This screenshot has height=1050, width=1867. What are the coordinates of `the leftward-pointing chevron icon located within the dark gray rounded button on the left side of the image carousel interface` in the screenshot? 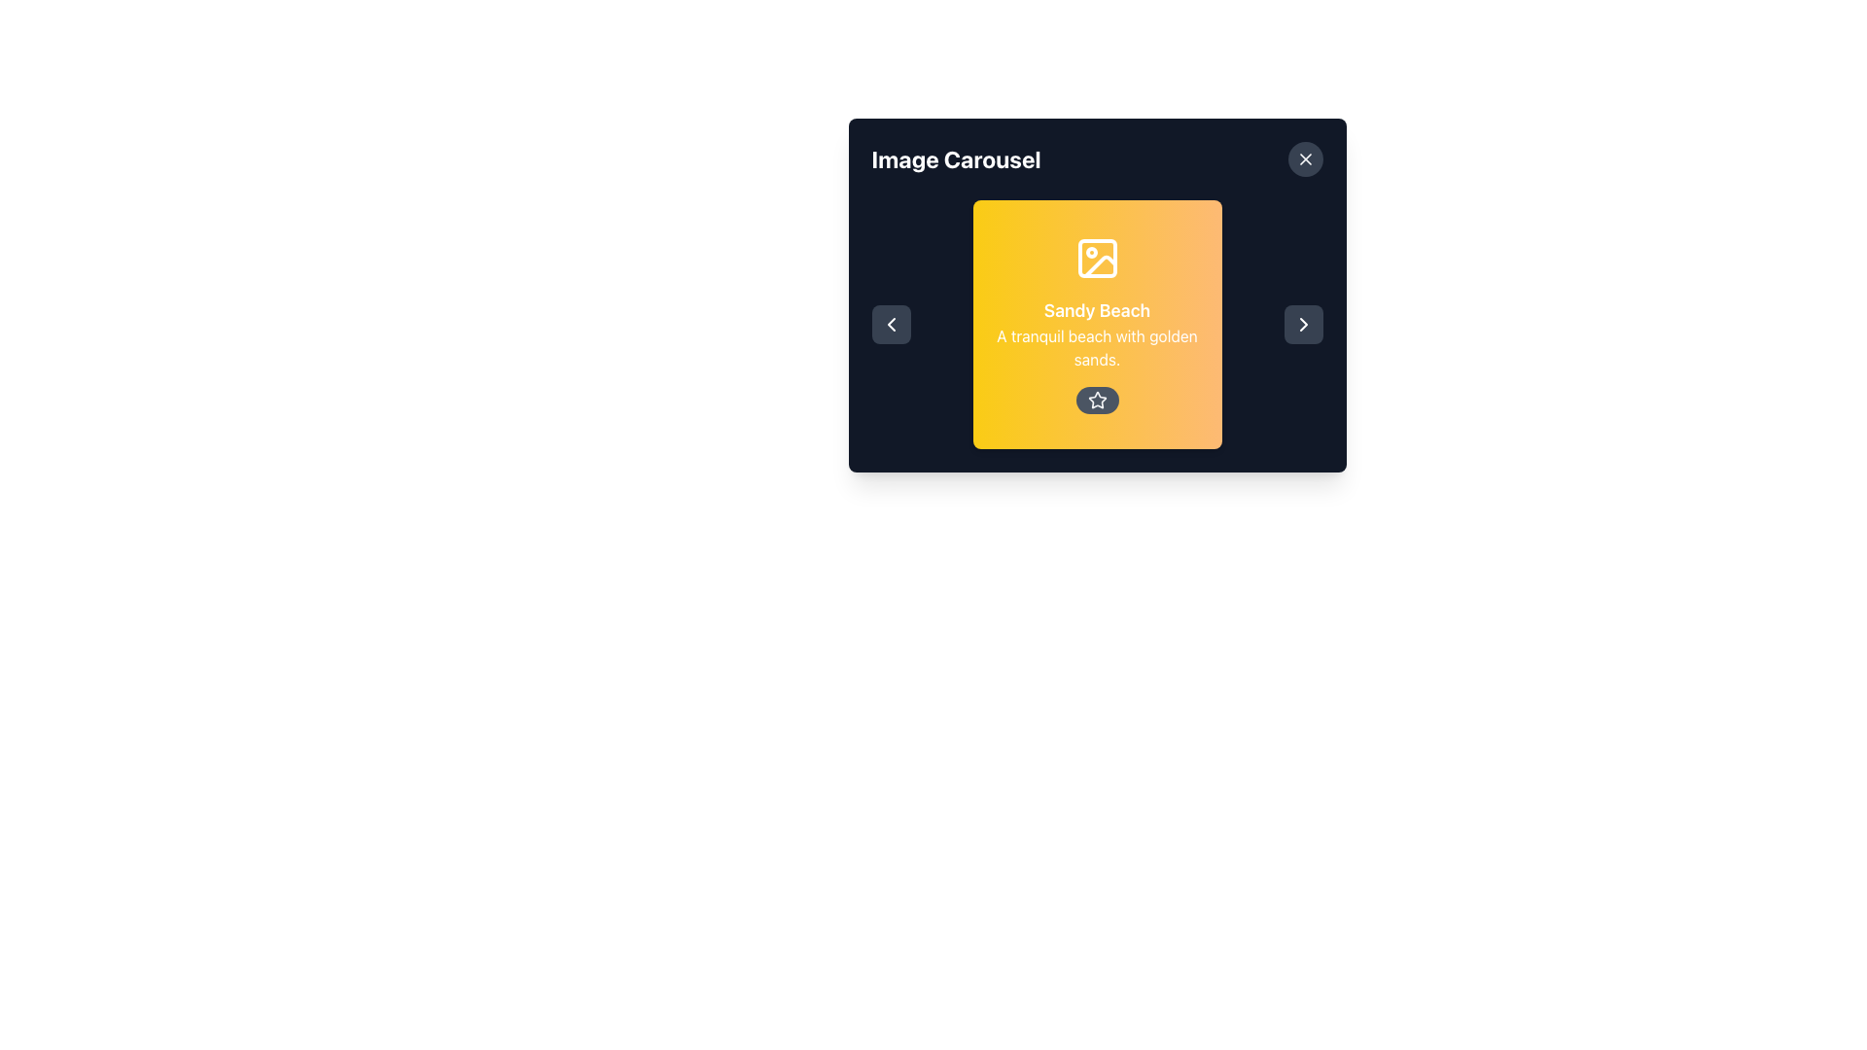 It's located at (890, 324).